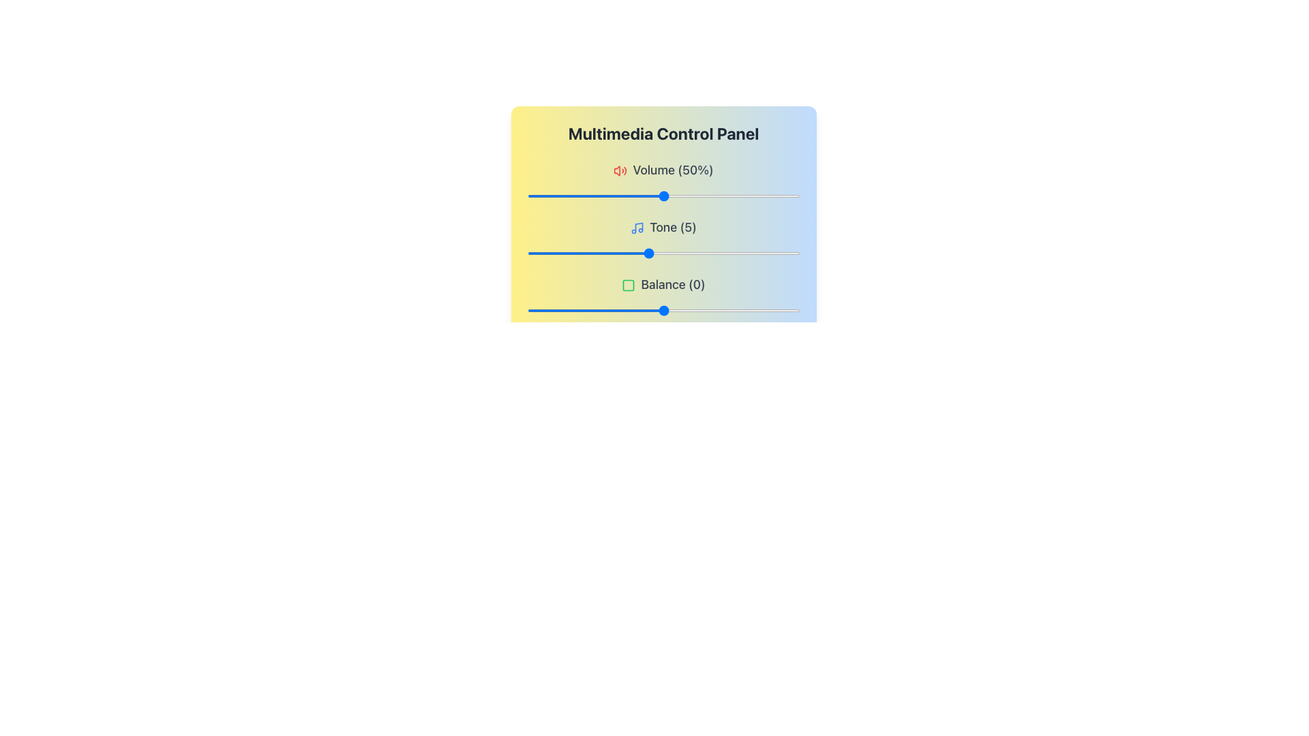 Image resolution: width=1309 pixels, height=736 pixels. I want to click on balance, so click(598, 310).